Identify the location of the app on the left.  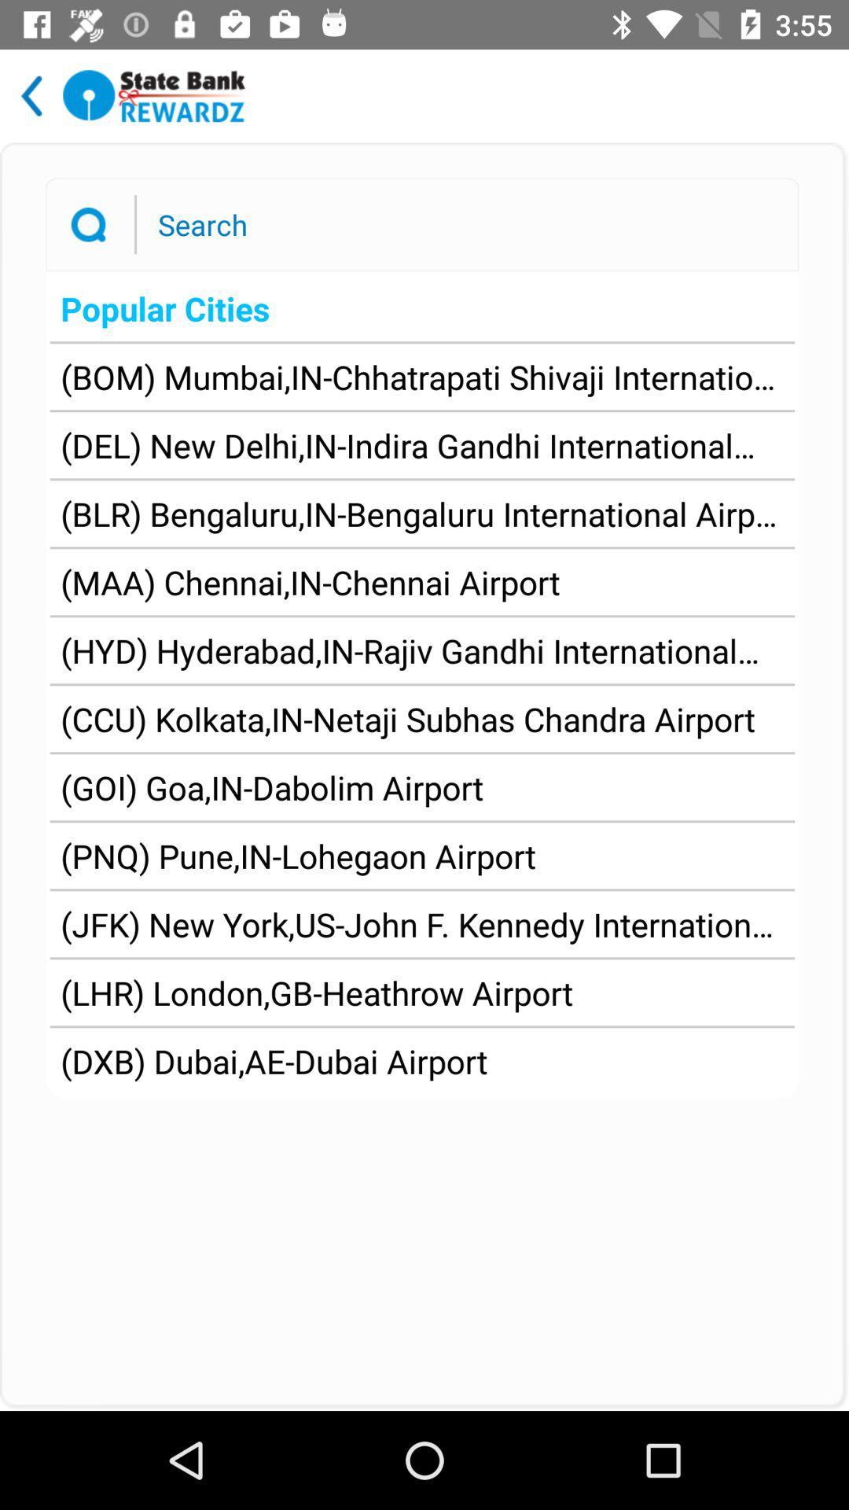
(271, 787).